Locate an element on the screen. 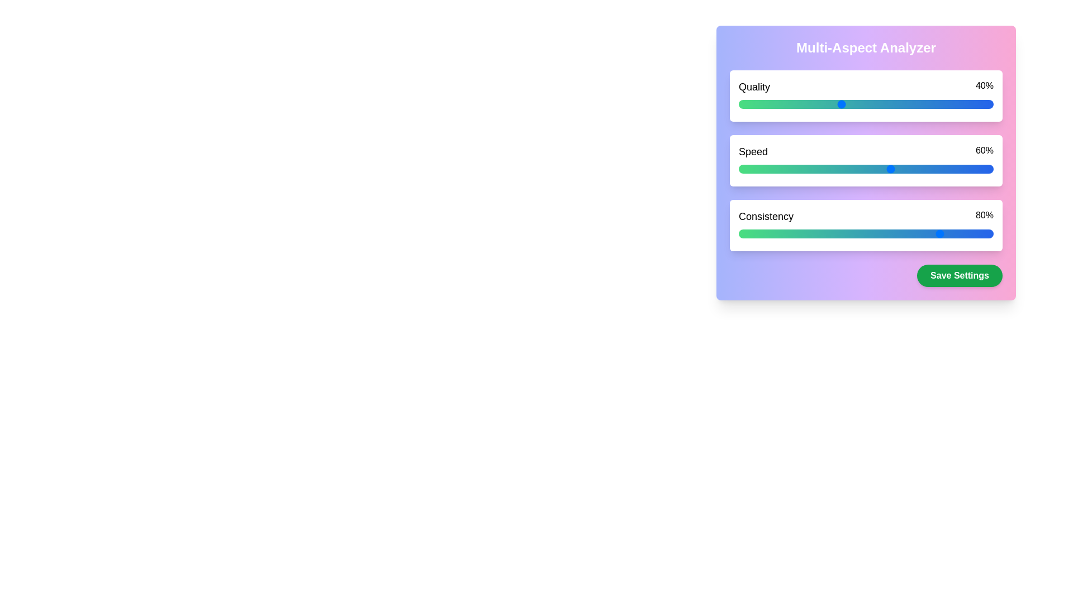 The width and height of the screenshot is (1073, 603). the slider value is located at coordinates (975, 233).